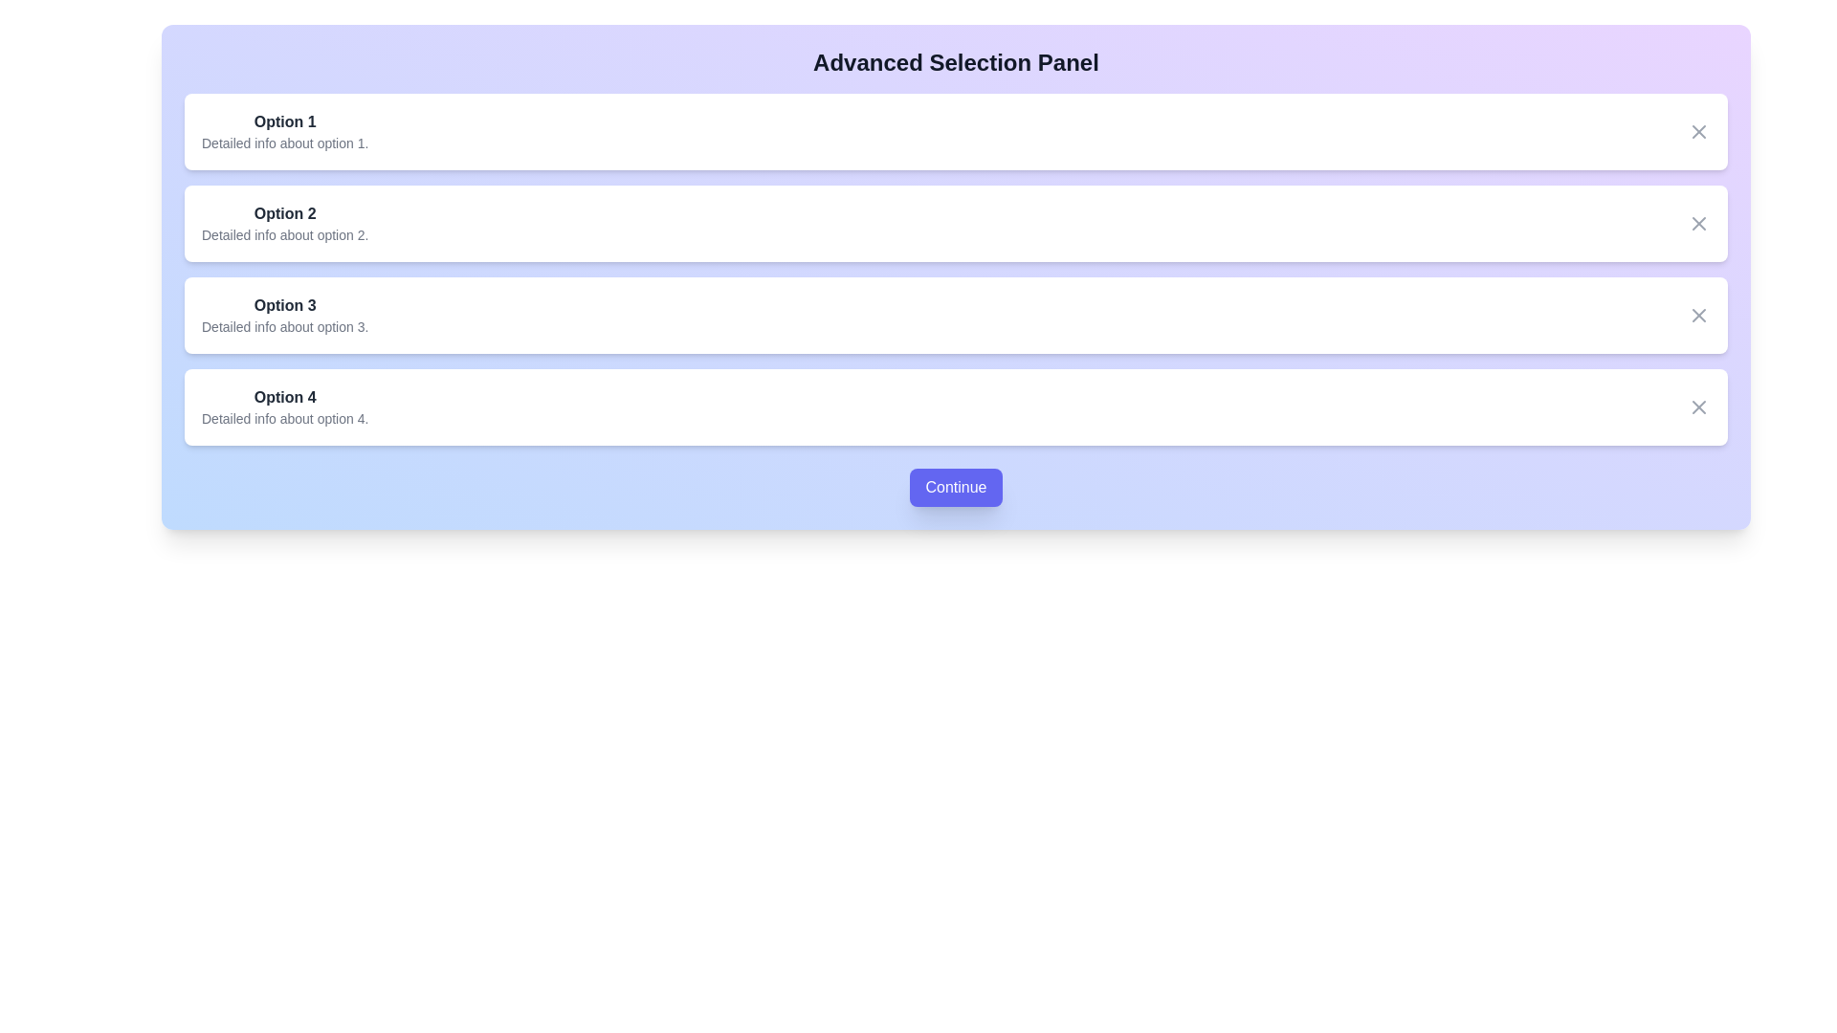 The height and width of the screenshot is (1033, 1837). I want to click on the 'X' icon button styled in gray, located to the right of the text 'Option 1', so click(1699, 131).